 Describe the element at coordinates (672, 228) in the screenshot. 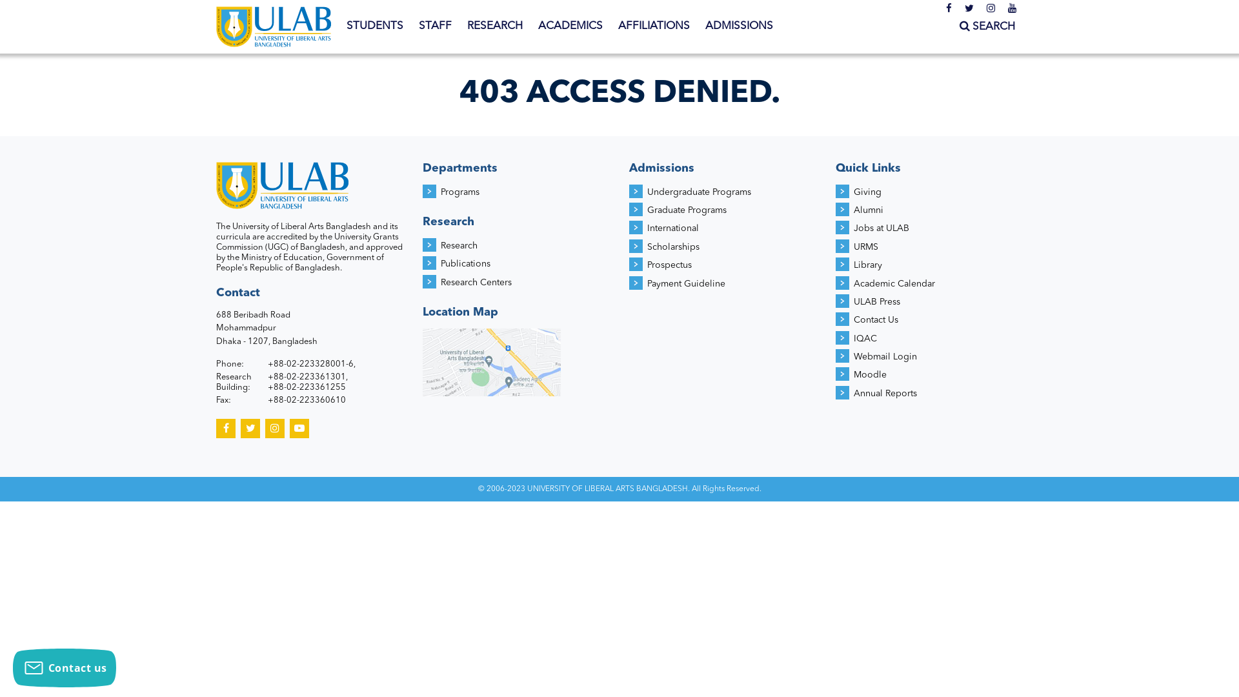

I see `'International'` at that location.